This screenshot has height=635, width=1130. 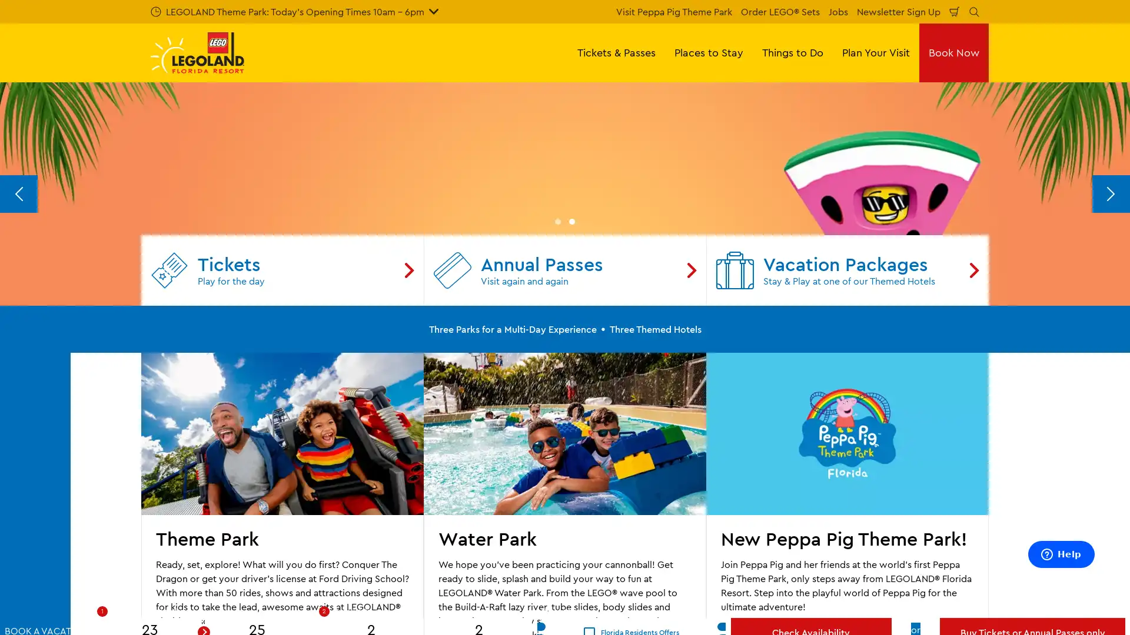 I want to click on Tickets & Passes, so click(x=616, y=52).